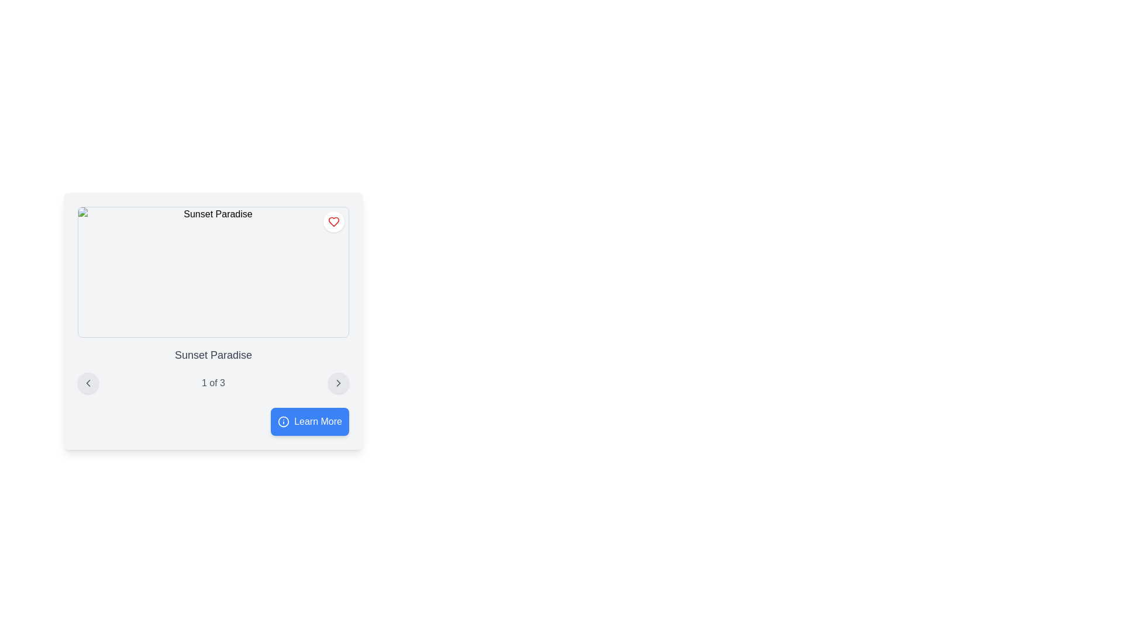 The image size is (1123, 631). Describe the element at coordinates (213, 383) in the screenshot. I see `text displayed in the medium-sized gray font labeled '1 of 3', which is centrally positioned between a left and right arrow icon` at that location.